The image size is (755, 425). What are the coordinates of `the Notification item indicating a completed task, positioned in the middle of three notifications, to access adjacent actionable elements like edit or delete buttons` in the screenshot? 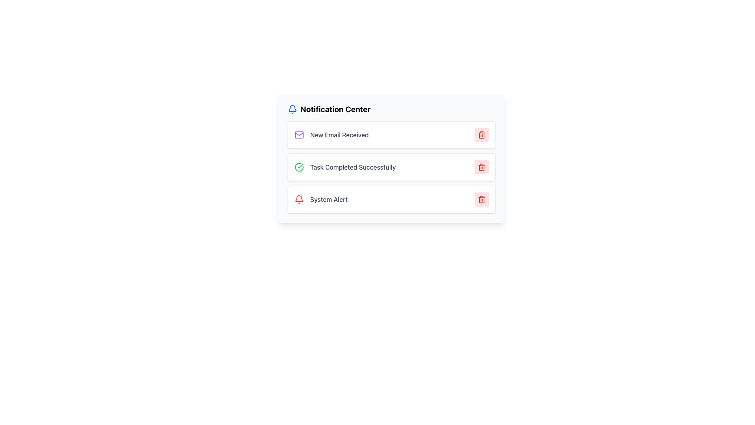 It's located at (345, 166).